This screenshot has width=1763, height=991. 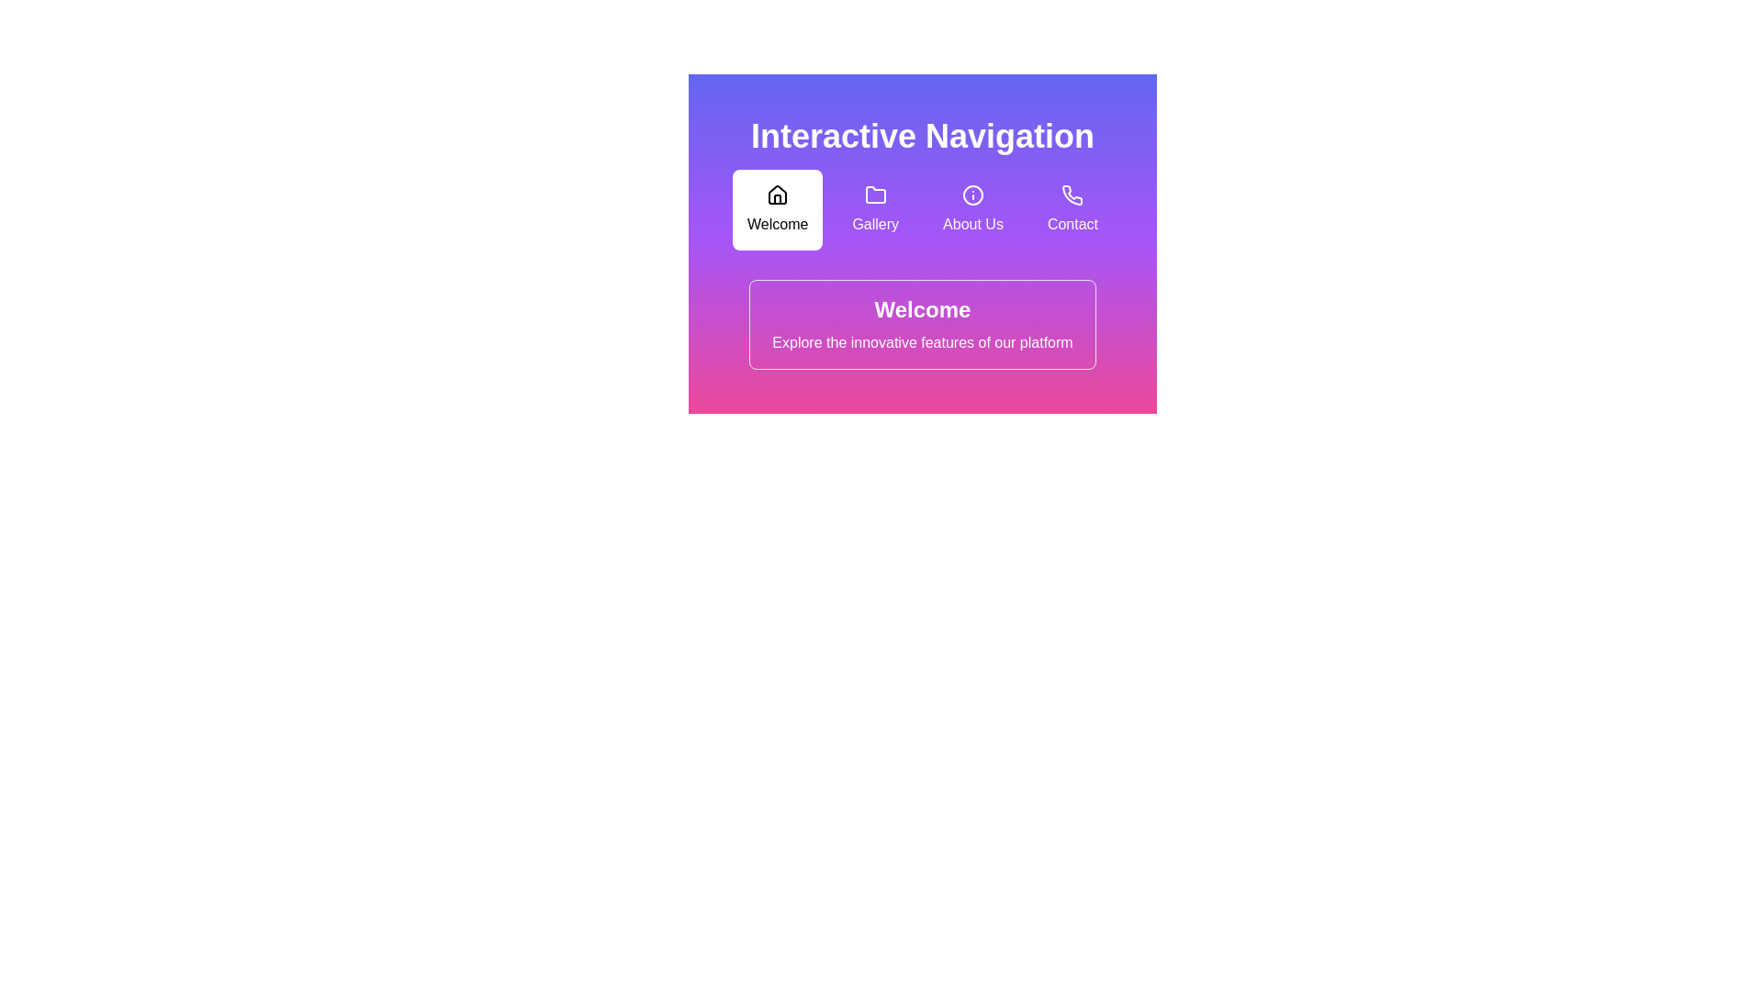 I want to click on the 'Gallery' text label in the navigation menu, so click(x=874, y=224).